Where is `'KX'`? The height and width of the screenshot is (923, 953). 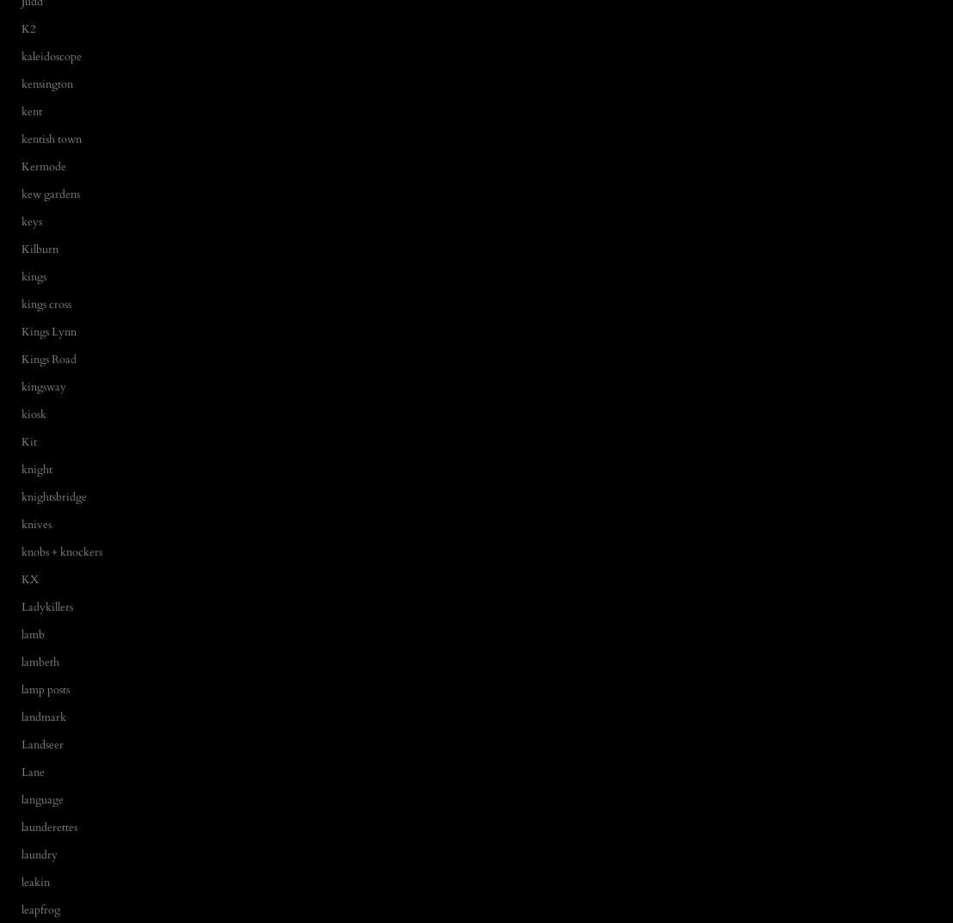
'KX' is located at coordinates (30, 578).